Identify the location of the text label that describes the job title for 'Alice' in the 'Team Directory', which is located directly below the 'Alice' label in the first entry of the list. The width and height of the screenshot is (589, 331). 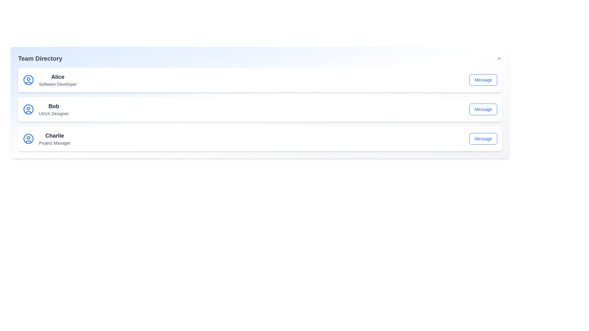
(58, 84).